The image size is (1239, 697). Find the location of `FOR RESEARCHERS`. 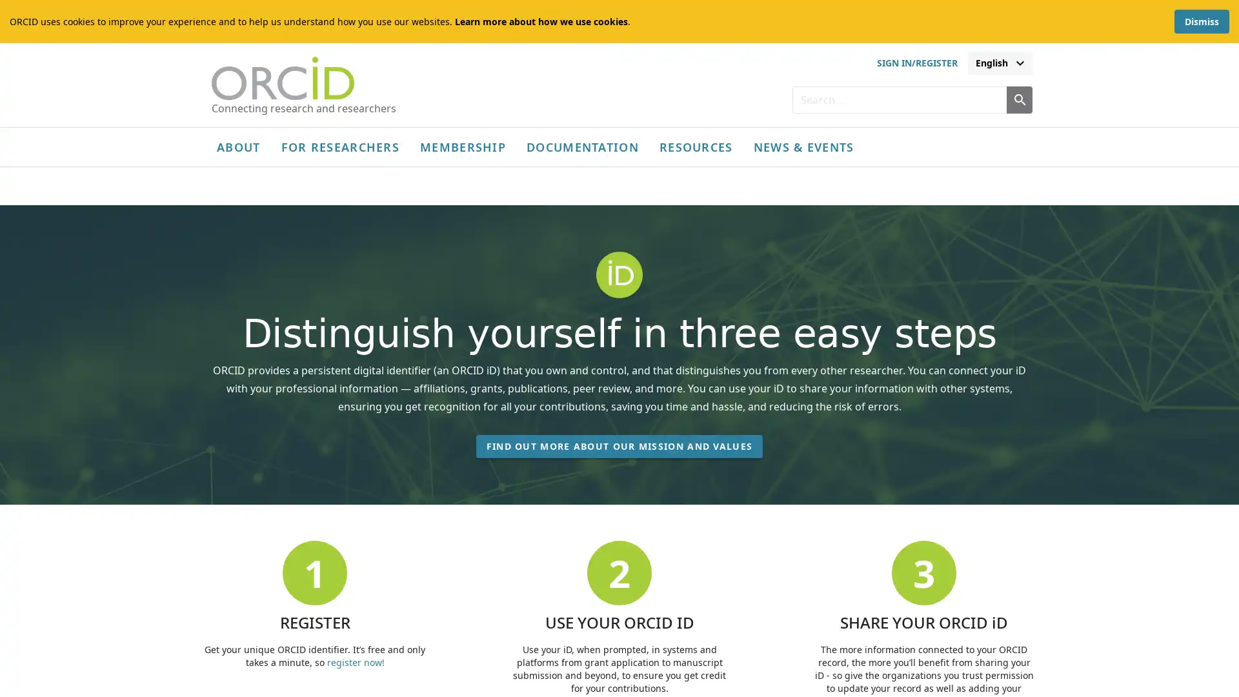

FOR RESEARCHERS is located at coordinates (340, 146).